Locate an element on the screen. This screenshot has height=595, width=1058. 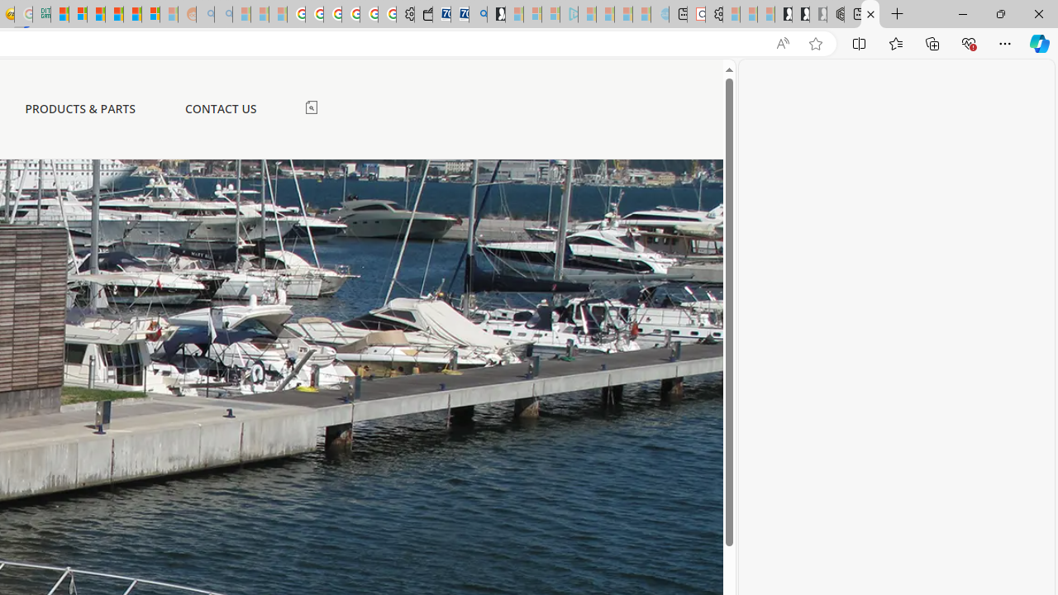
'Bing Real Estate - Home sales and rental listings' is located at coordinates (477, 14).